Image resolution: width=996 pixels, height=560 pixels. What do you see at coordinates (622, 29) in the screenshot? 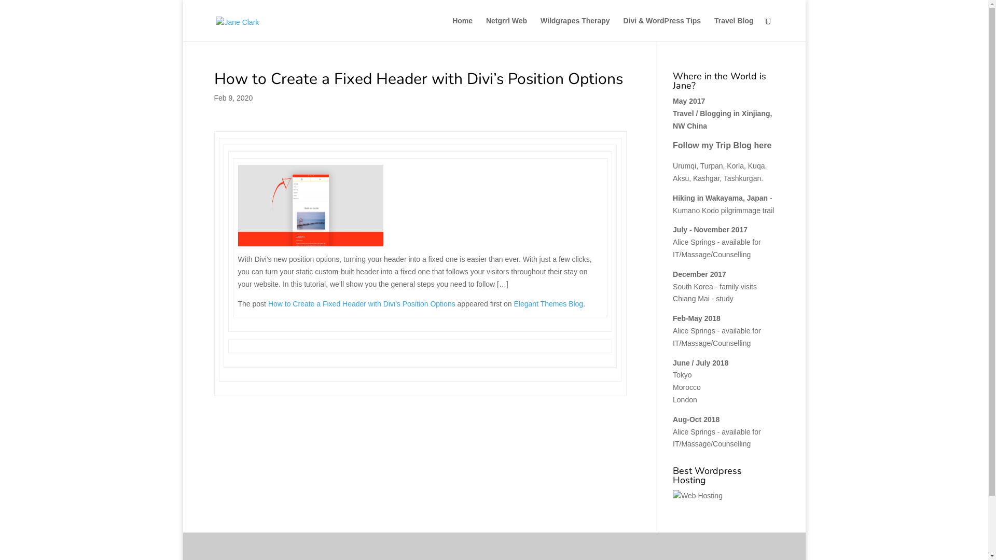
I see `'Divi & WordPress Tips'` at bounding box center [622, 29].